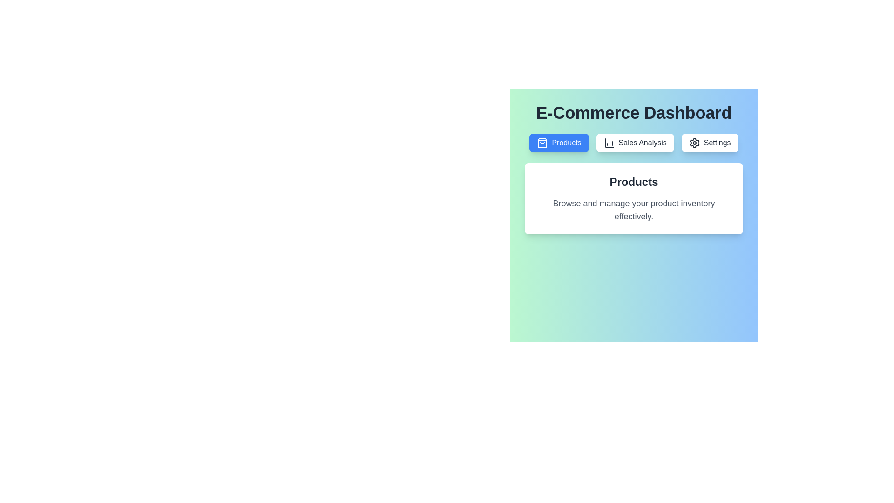 The image size is (894, 503). What do you see at coordinates (635, 143) in the screenshot?
I see `the tab labeled Sales Analysis to switch to it` at bounding box center [635, 143].